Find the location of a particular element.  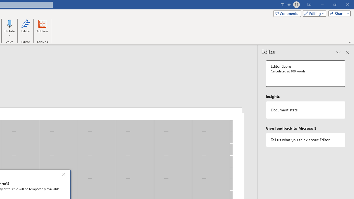

'Task Pane Options' is located at coordinates (338, 52).